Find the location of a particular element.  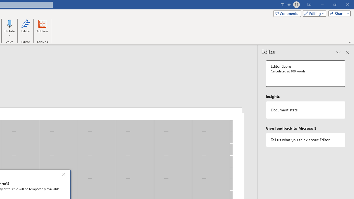

'Task Pane Options' is located at coordinates (338, 52).